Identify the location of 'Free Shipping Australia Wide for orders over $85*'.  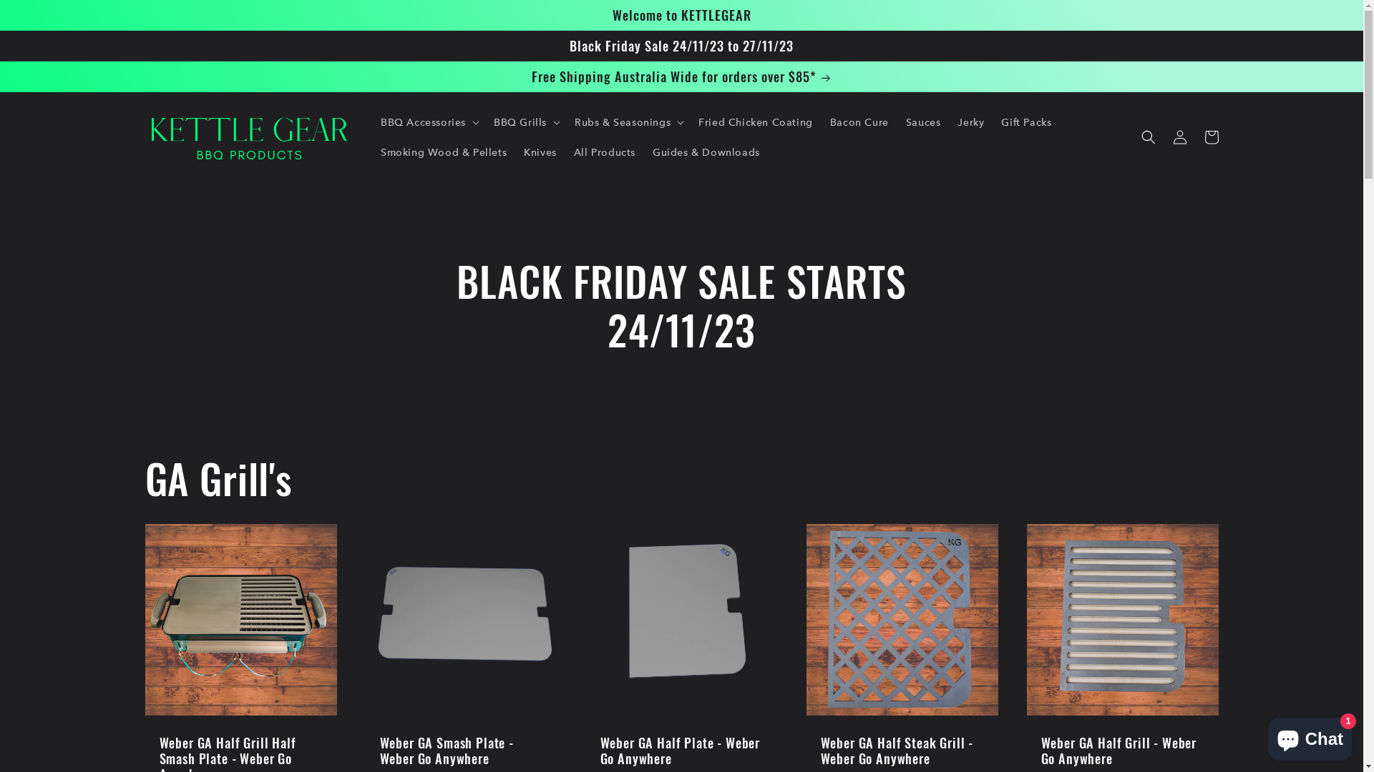
(681, 76).